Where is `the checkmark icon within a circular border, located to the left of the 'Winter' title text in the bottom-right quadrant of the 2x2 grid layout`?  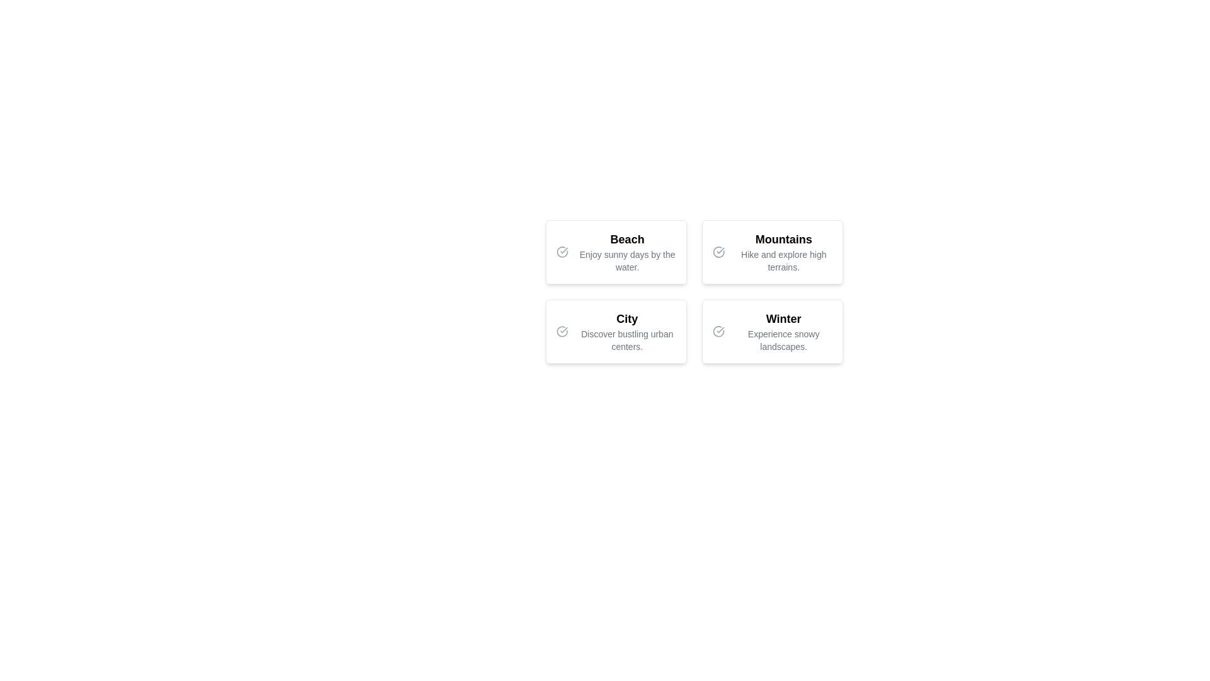
the checkmark icon within a circular border, located to the left of the 'Winter' title text in the bottom-right quadrant of the 2x2 grid layout is located at coordinates (718, 330).